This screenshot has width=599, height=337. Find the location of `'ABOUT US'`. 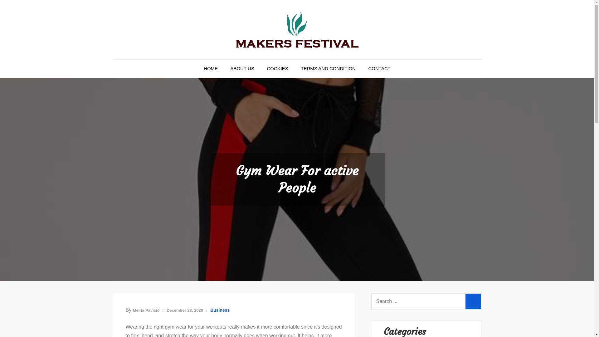

'ABOUT US' is located at coordinates (242, 68).